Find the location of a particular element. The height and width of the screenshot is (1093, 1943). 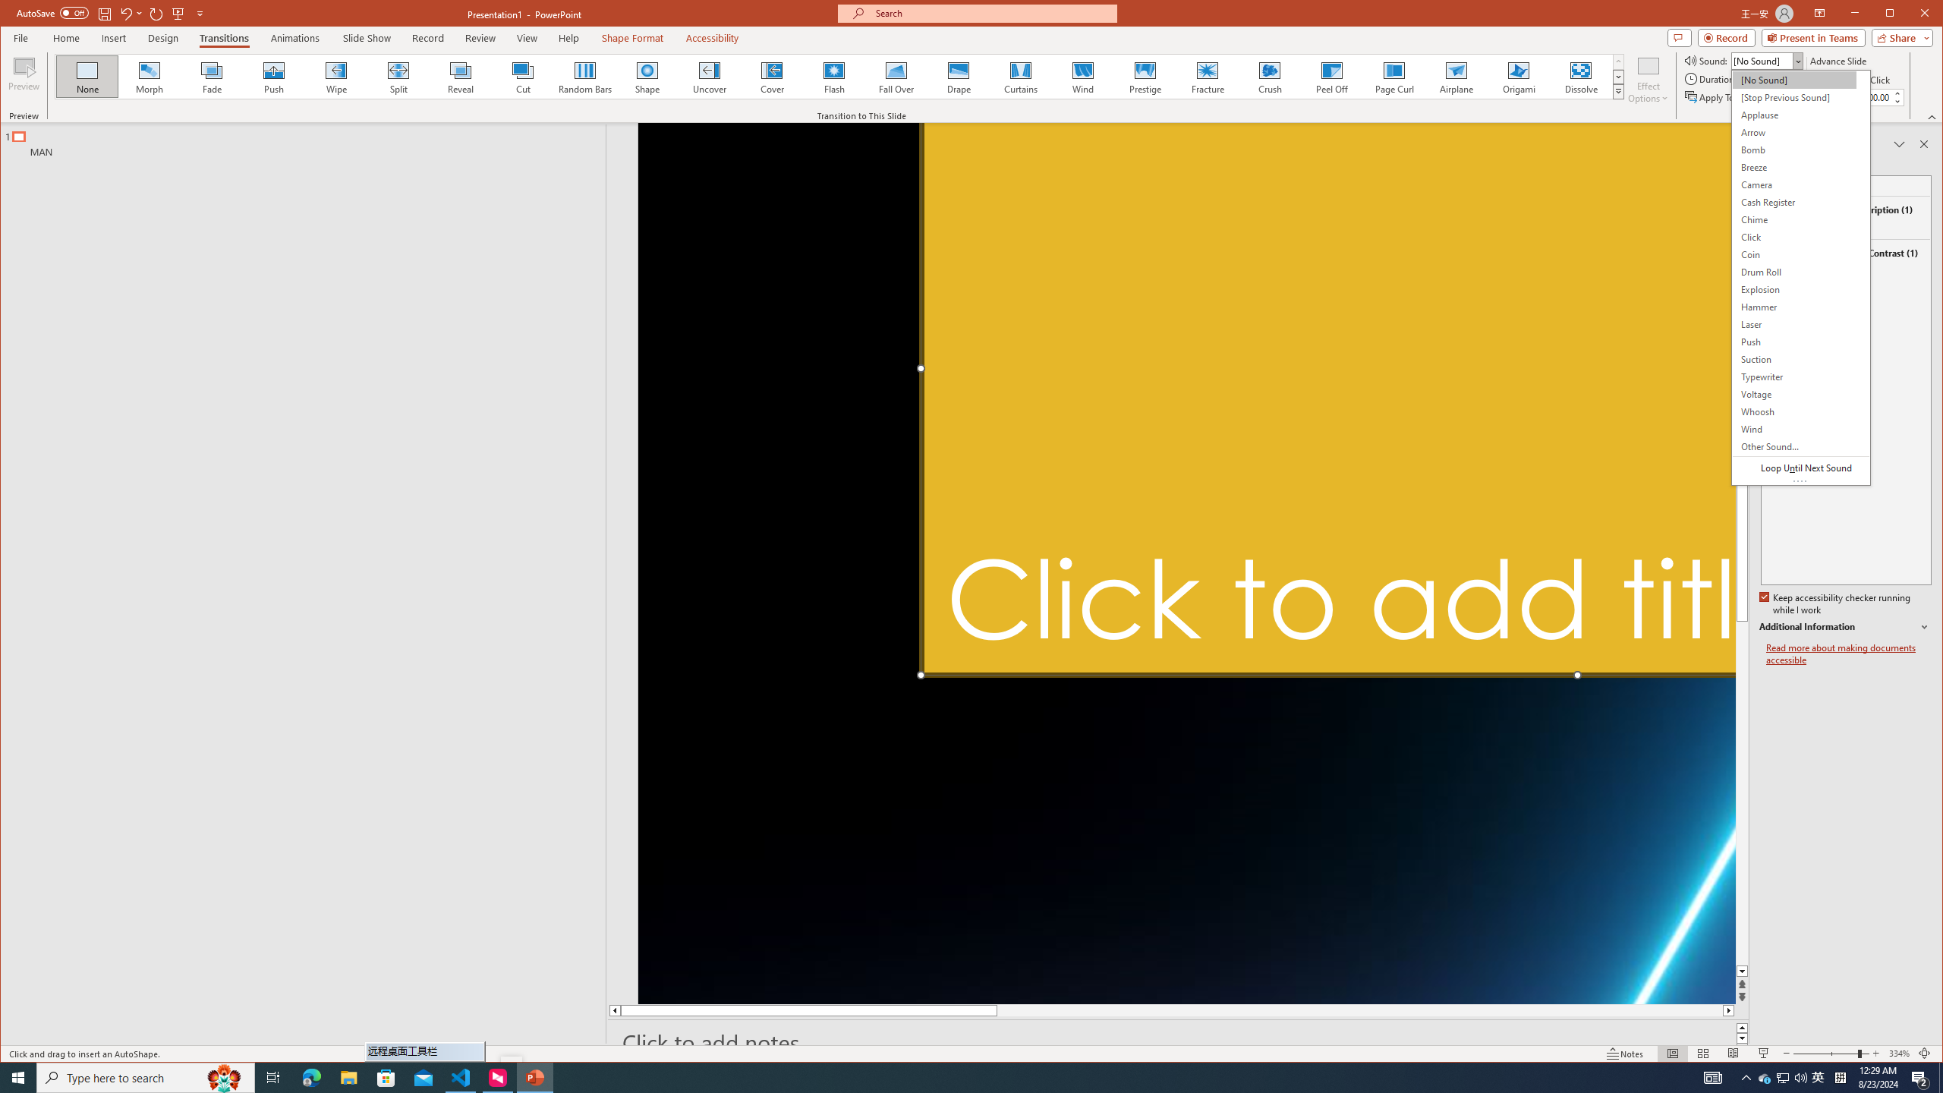

'Origami' is located at coordinates (1519, 76).